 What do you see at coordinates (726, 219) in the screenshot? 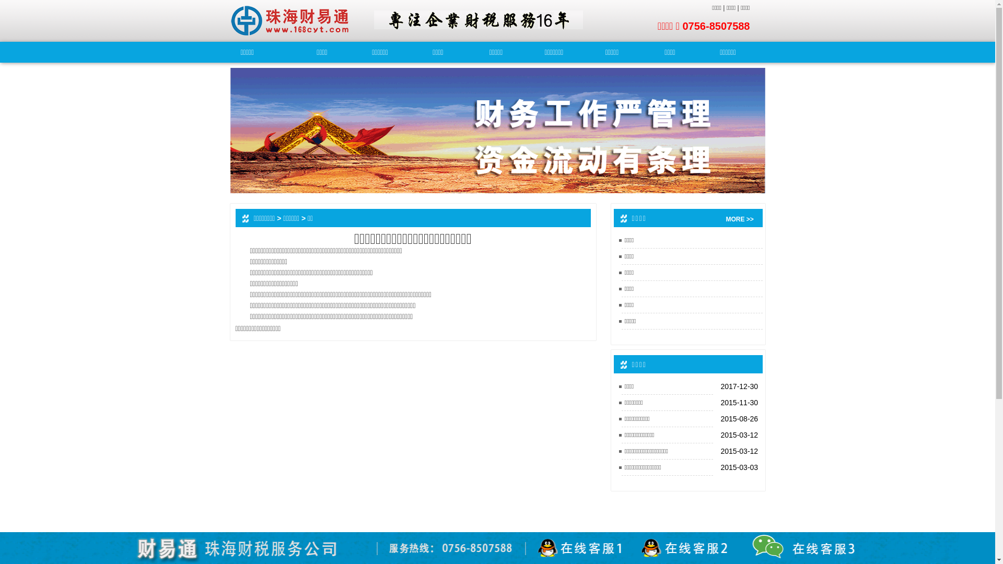
I see `'MORE >>'` at bounding box center [726, 219].